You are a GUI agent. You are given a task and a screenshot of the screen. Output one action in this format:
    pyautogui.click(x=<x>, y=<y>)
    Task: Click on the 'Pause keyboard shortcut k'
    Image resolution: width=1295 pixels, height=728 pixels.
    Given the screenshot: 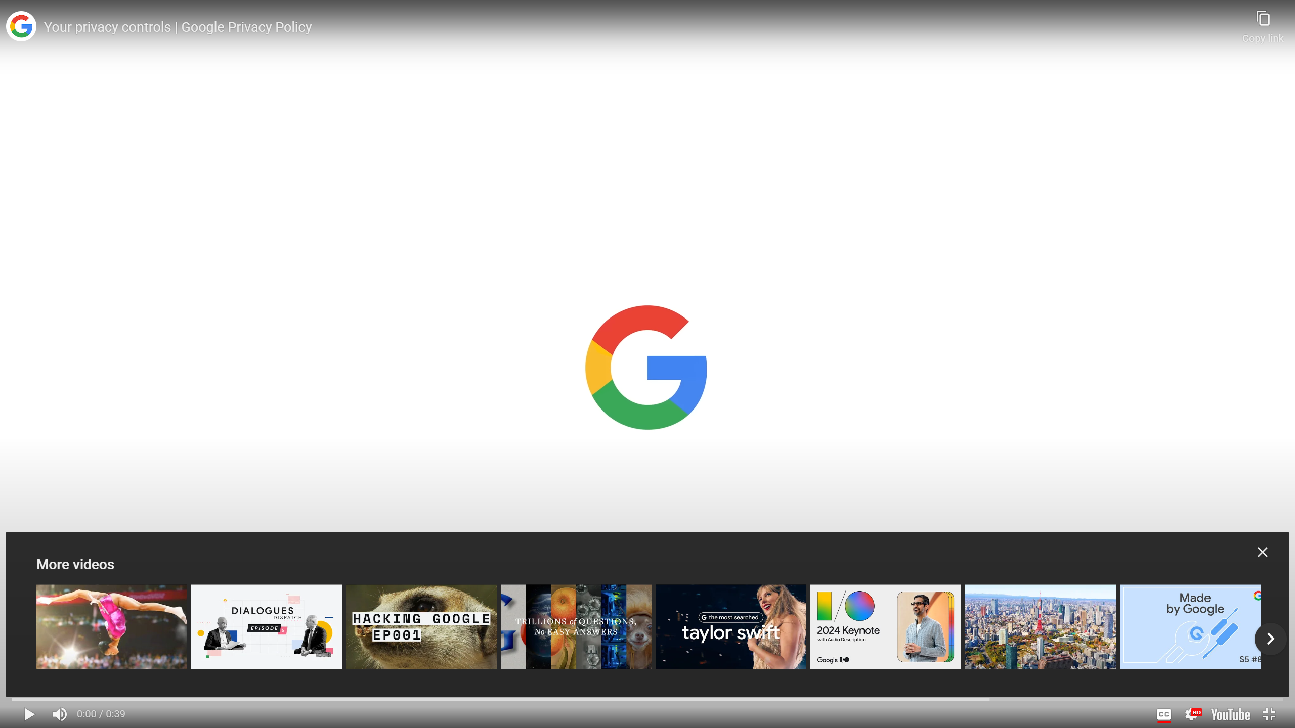 What is the action you would take?
    pyautogui.click(x=29, y=714)
    